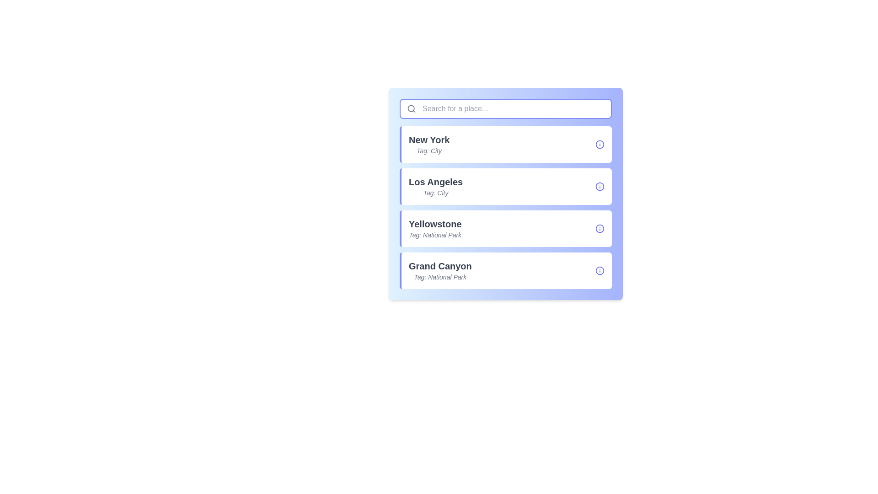 The width and height of the screenshot is (878, 494). I want to click on the small circular purple icon containing an 'i' symbol located to the far right of the list item labeled 'New York' and 'Tag: City', so click(600, 144).